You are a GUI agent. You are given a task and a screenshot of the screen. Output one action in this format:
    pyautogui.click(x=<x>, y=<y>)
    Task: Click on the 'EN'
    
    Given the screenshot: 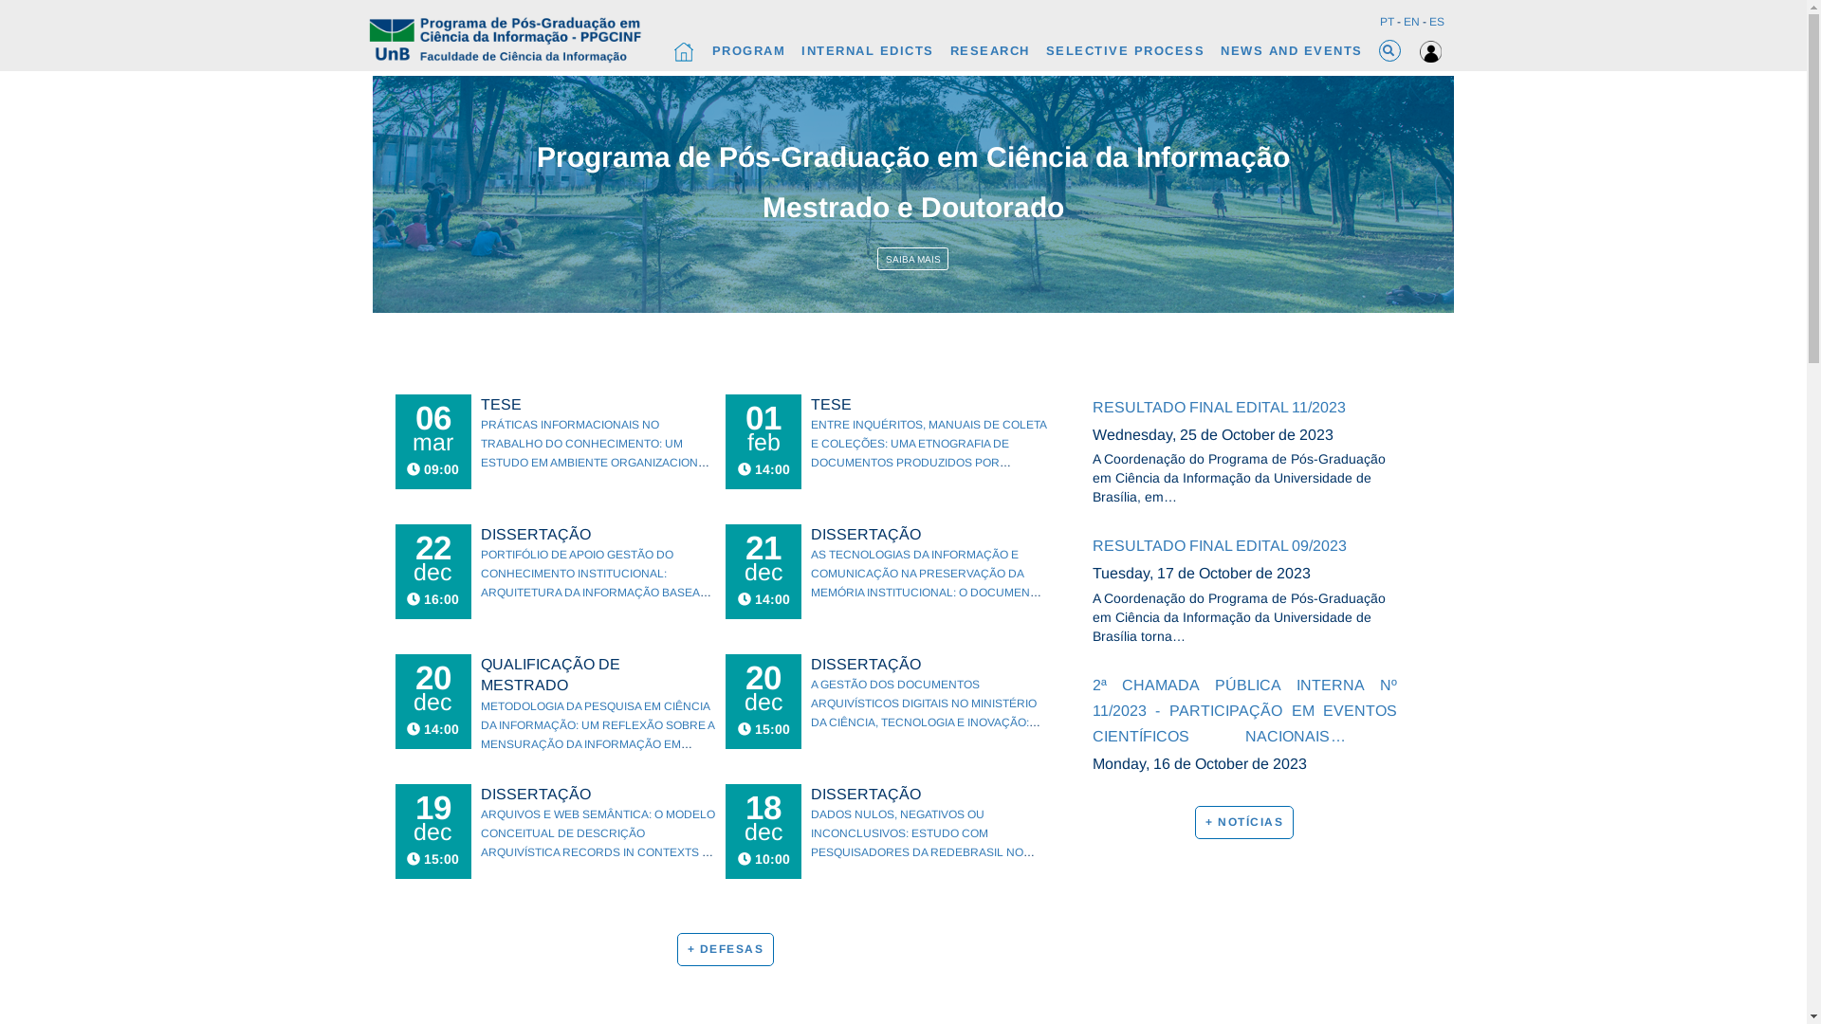 What is the action you would take?
    pyautogui.click(x=1411, y=22)
    